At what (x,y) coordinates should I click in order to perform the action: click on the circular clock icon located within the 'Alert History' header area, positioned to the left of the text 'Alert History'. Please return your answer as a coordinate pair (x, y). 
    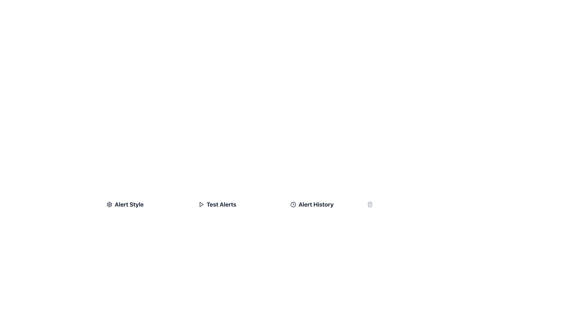
    Looking at the image, I should click on (293, 204).